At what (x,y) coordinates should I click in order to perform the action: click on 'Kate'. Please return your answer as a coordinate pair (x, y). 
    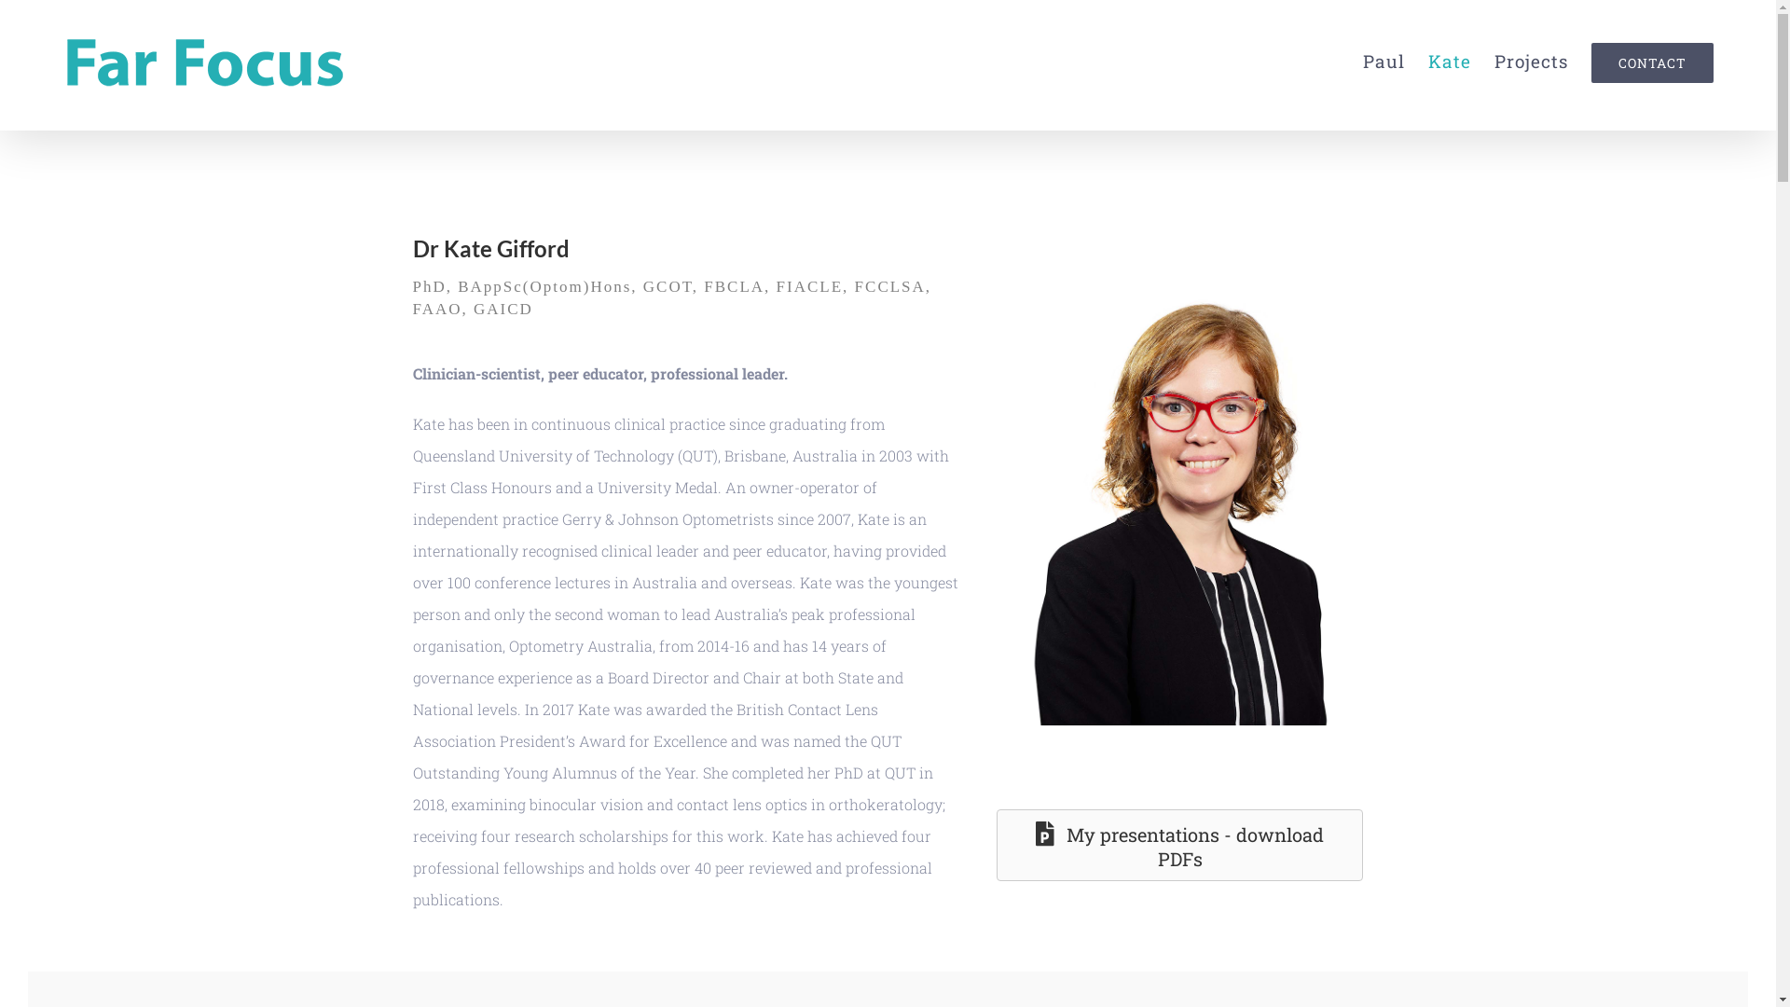
    Looking at the image, I should click on (1449, 60).